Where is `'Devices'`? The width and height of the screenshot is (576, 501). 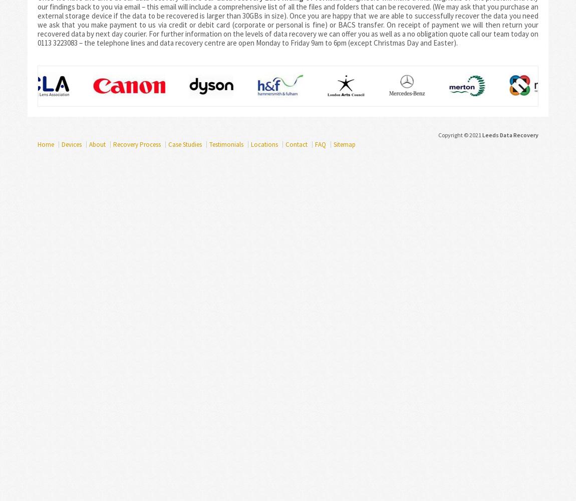 'Devices' is located at coordinates (71, 144).